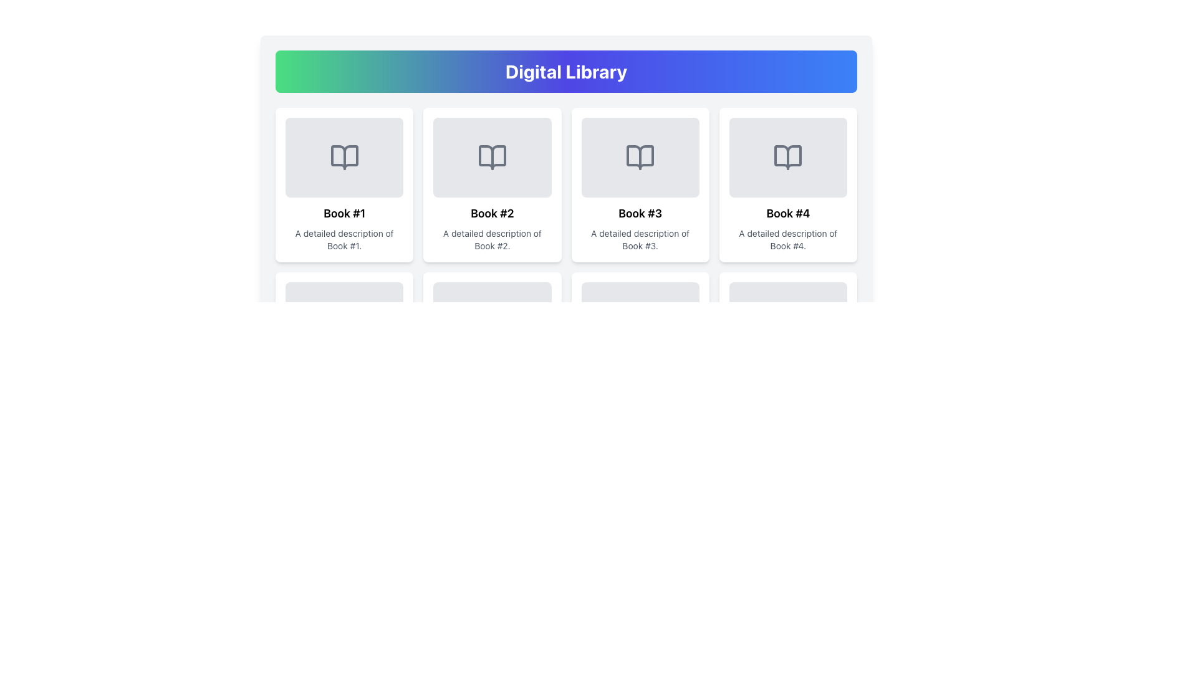  What do you see at coordinates (491, 240) in the screenshot?
I see `text from the Text Label that provides a detailed description of 'Book #2', which is located directly below the 'Book #2' title in the second card of the 'Digital Library' section` at bounding box center [491, 240].